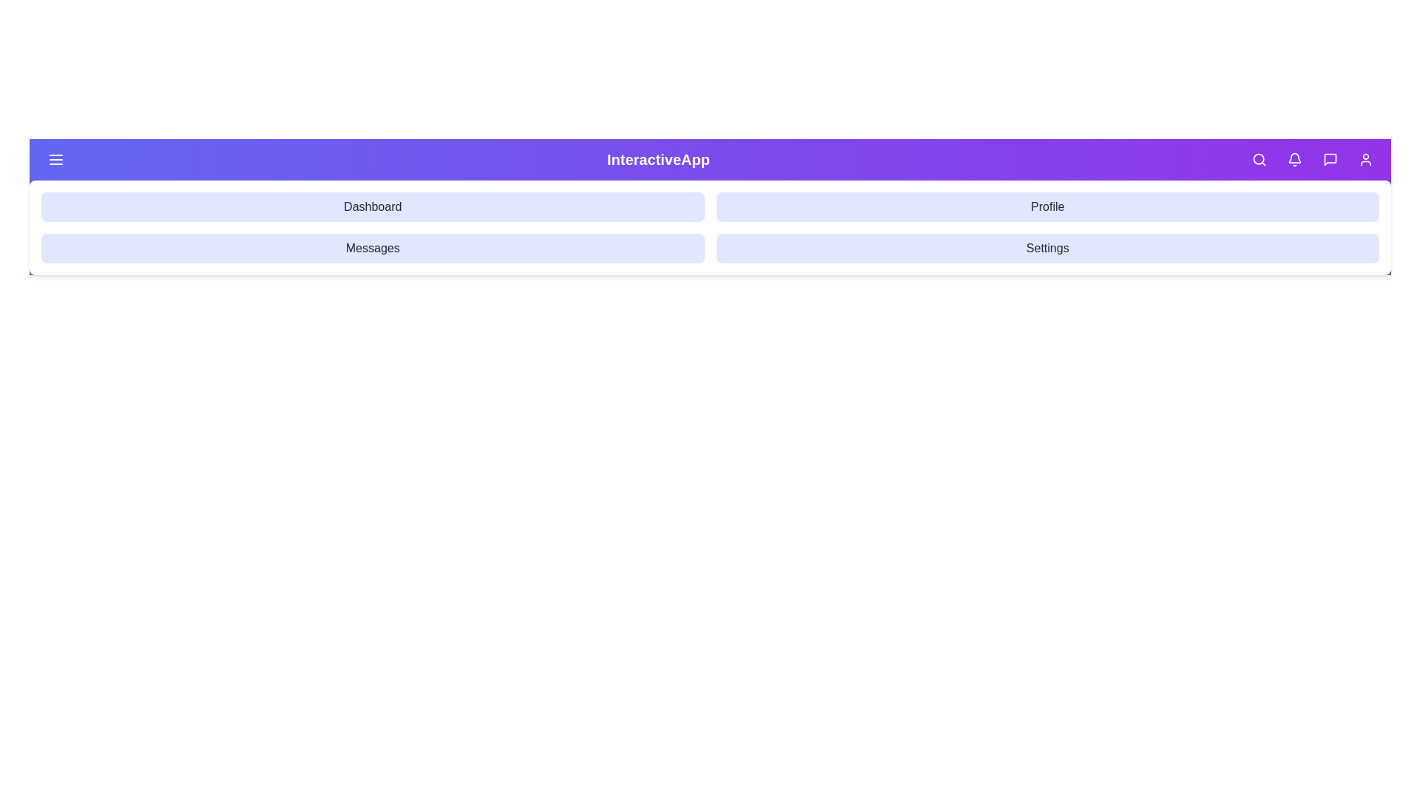 This screenshot has height=799, width=1420. Describe the element at coordinates (373, 247) in the screenshot. I see `the navigation option Messages to navigate to the corresponding section` at that location.